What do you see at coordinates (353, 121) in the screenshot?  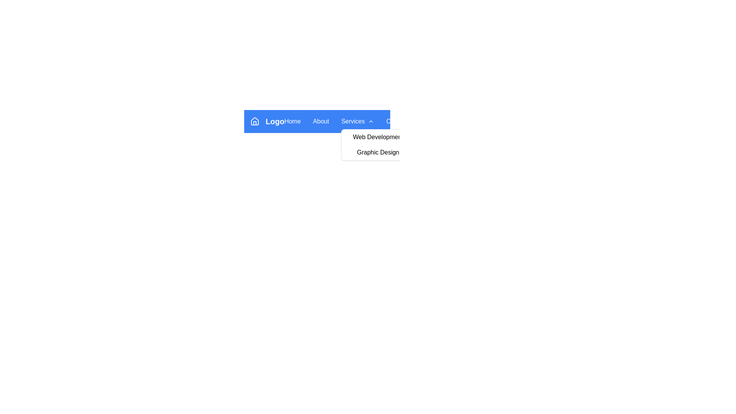 I see `the 'Services' text label in the navigation bar` at bounding box center [353, 121].